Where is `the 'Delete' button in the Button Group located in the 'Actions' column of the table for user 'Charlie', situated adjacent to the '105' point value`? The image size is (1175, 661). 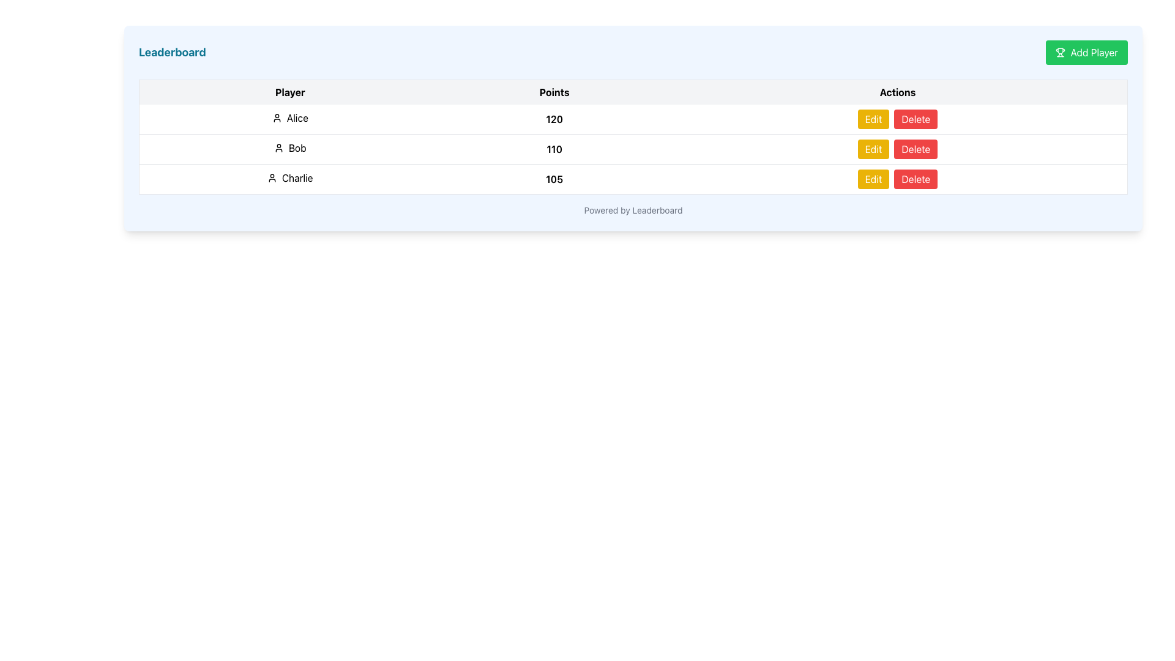 the 'Delete' button in the Button Group located in the 'Actions' column of the table for user 'Charlie', situated adjacent to the '105' point value is located at coordinates (897, 179).